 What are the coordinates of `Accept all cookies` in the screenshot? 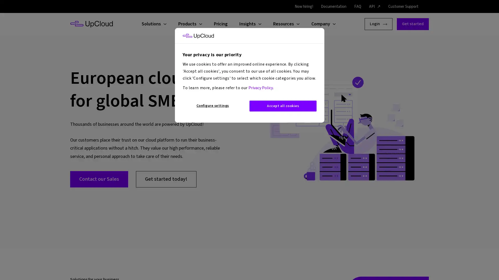 It's located at (283, 106).